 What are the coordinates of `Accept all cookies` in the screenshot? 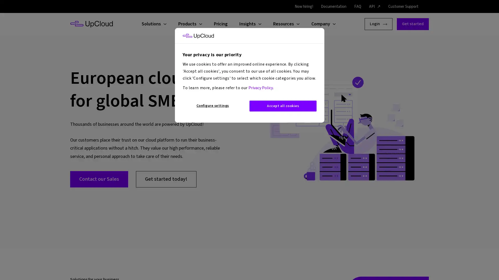 It's located at (283, 106).